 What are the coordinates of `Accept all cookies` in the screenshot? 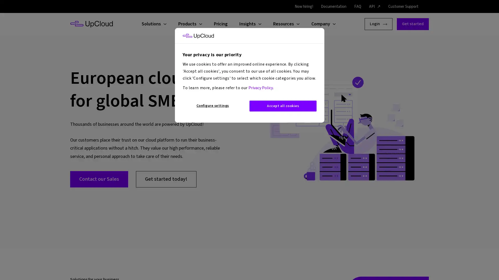 It's located at (283, 106).